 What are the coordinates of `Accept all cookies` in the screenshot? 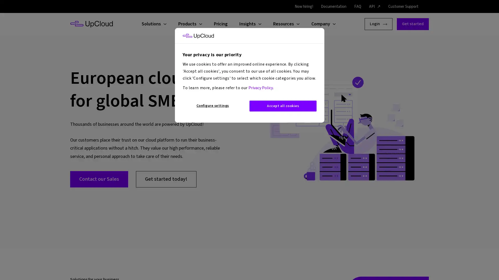 It's located at (283, 106).